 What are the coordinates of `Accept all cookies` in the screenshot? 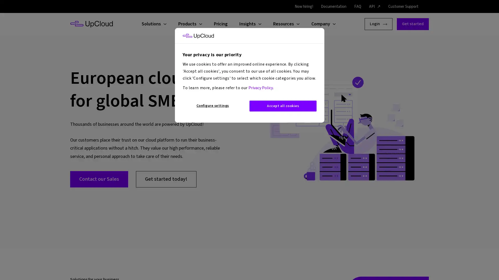 It's located at (283, 106).